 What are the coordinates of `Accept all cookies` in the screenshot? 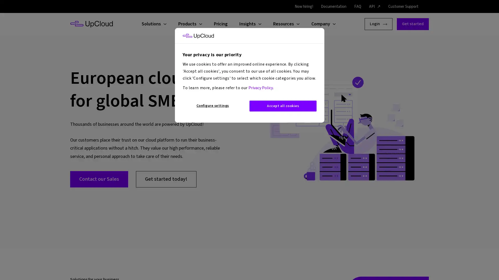 It's located at (283, 106).